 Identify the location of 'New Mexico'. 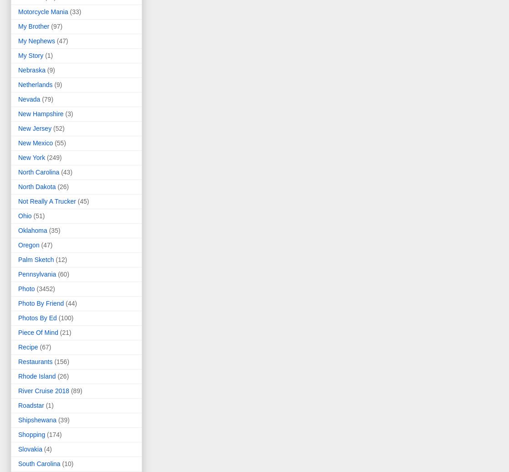
(36, 143).